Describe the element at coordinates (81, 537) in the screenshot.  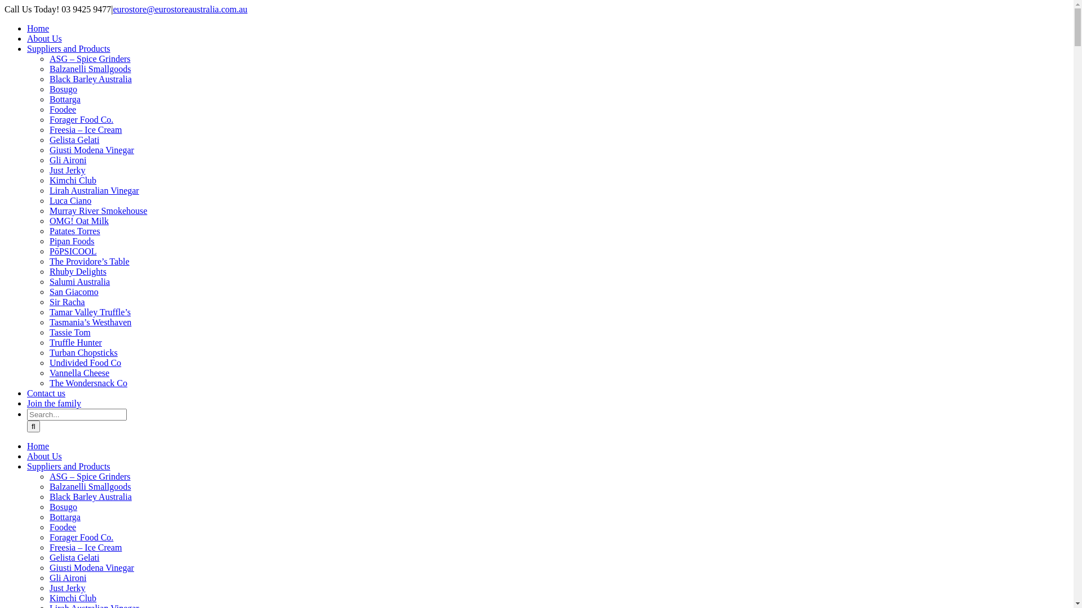
I see `'Forager Food Co.'` at that location.